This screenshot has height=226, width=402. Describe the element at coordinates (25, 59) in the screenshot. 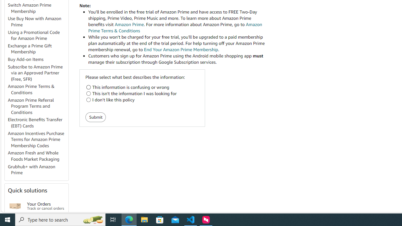

I see `'Buy Add-on Items'` at that location.